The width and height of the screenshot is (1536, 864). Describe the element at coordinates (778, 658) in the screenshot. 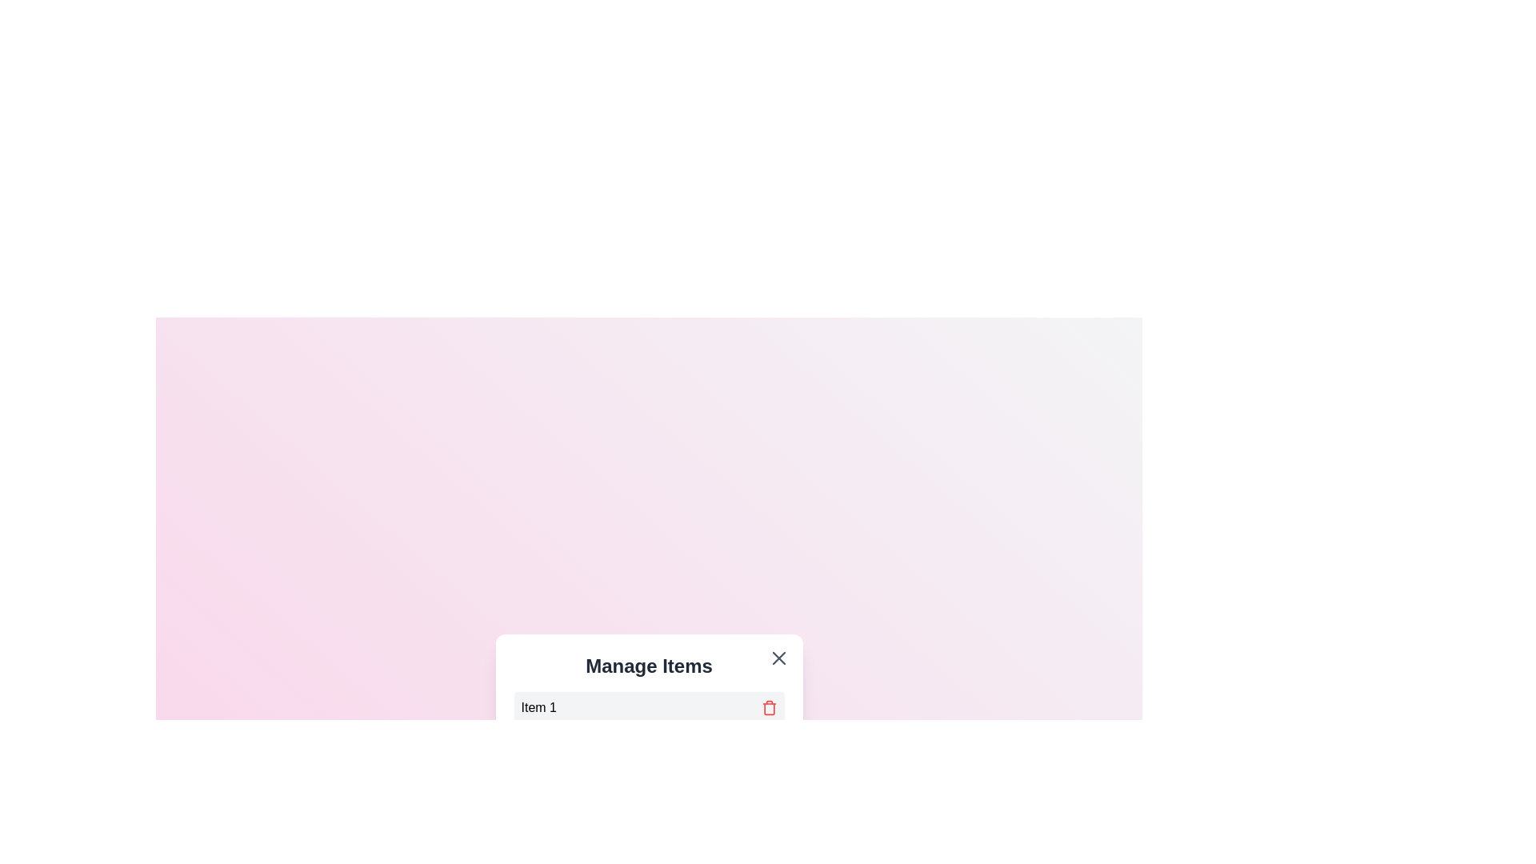

I see `'X' button at the top-right corner of the dialog to close it` at that location.